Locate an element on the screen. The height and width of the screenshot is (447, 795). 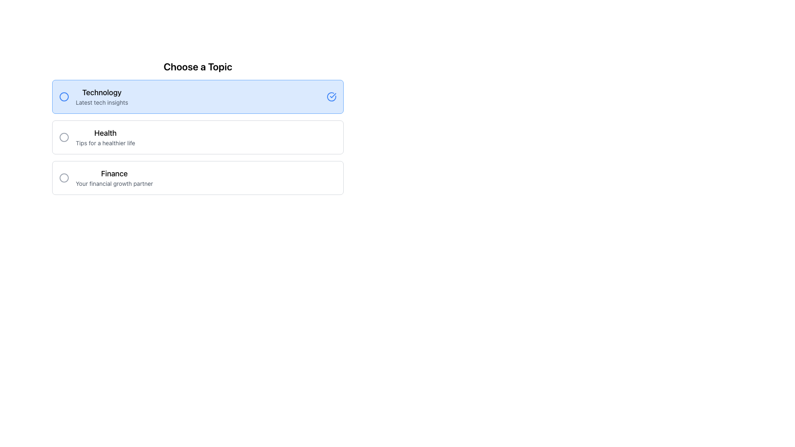
the text label displaying 'Latest tech insights', which is located beneath the 'Technology' heading in a light blue section is located at coordinates (101, 102).